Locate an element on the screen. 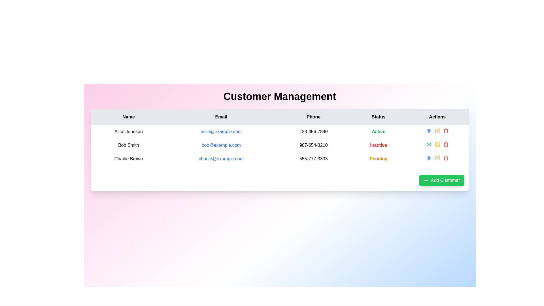  the header element indicating customer management, which is centrally aligned at the top of the content section is located at coordinates (280, 96).